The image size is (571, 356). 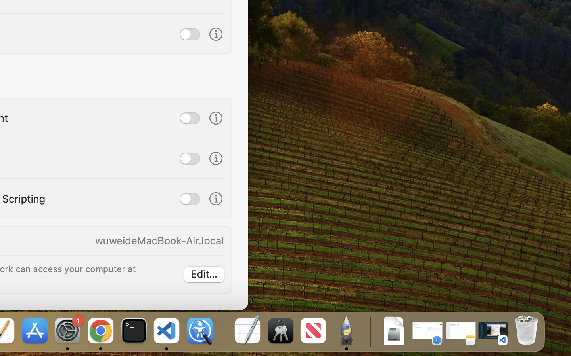 What do you see at coordinates (223, 331) in the screenshot?
I see `'0.4285714328289032'` at bounding box center [223, 331].